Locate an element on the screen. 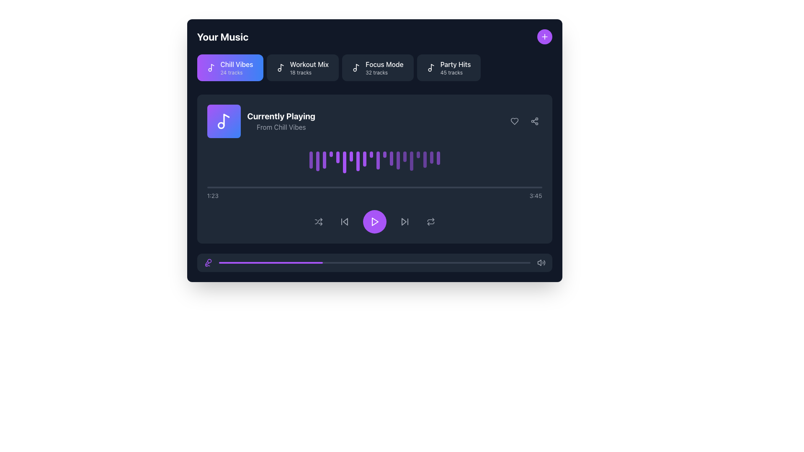  the text label that displays '18 tracks' in light gray color, located within the 'Workout Mix' card, below its title is located at coordinates (301, 72).